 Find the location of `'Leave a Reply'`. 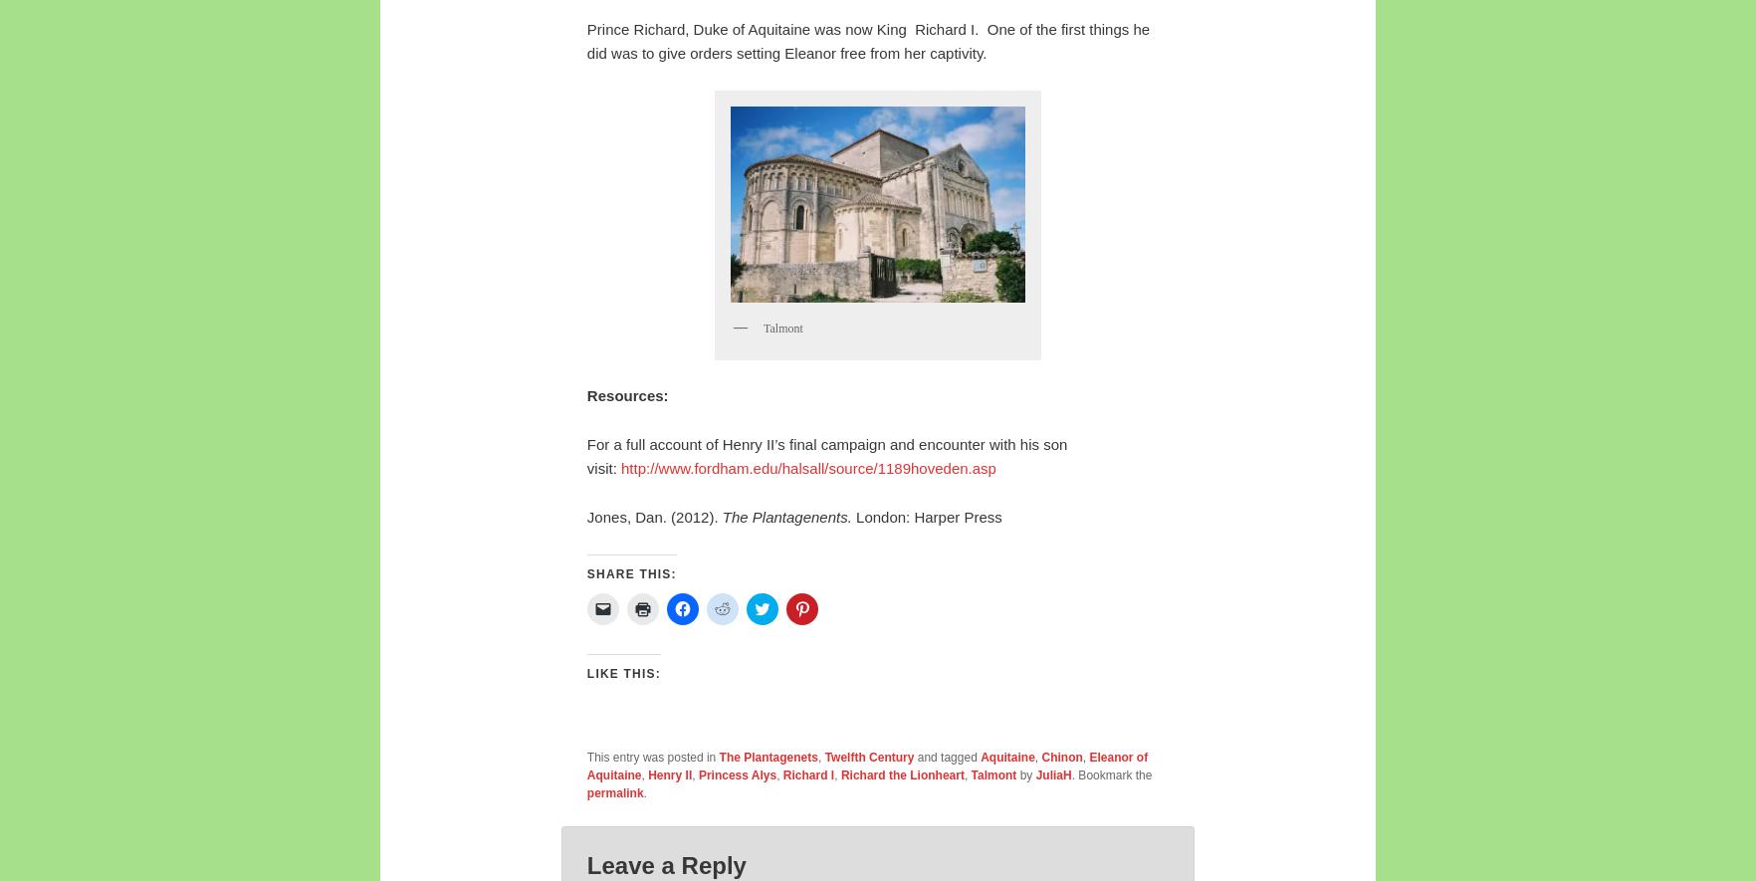

'Leave a Reply' is located at coordinates (585, 864).